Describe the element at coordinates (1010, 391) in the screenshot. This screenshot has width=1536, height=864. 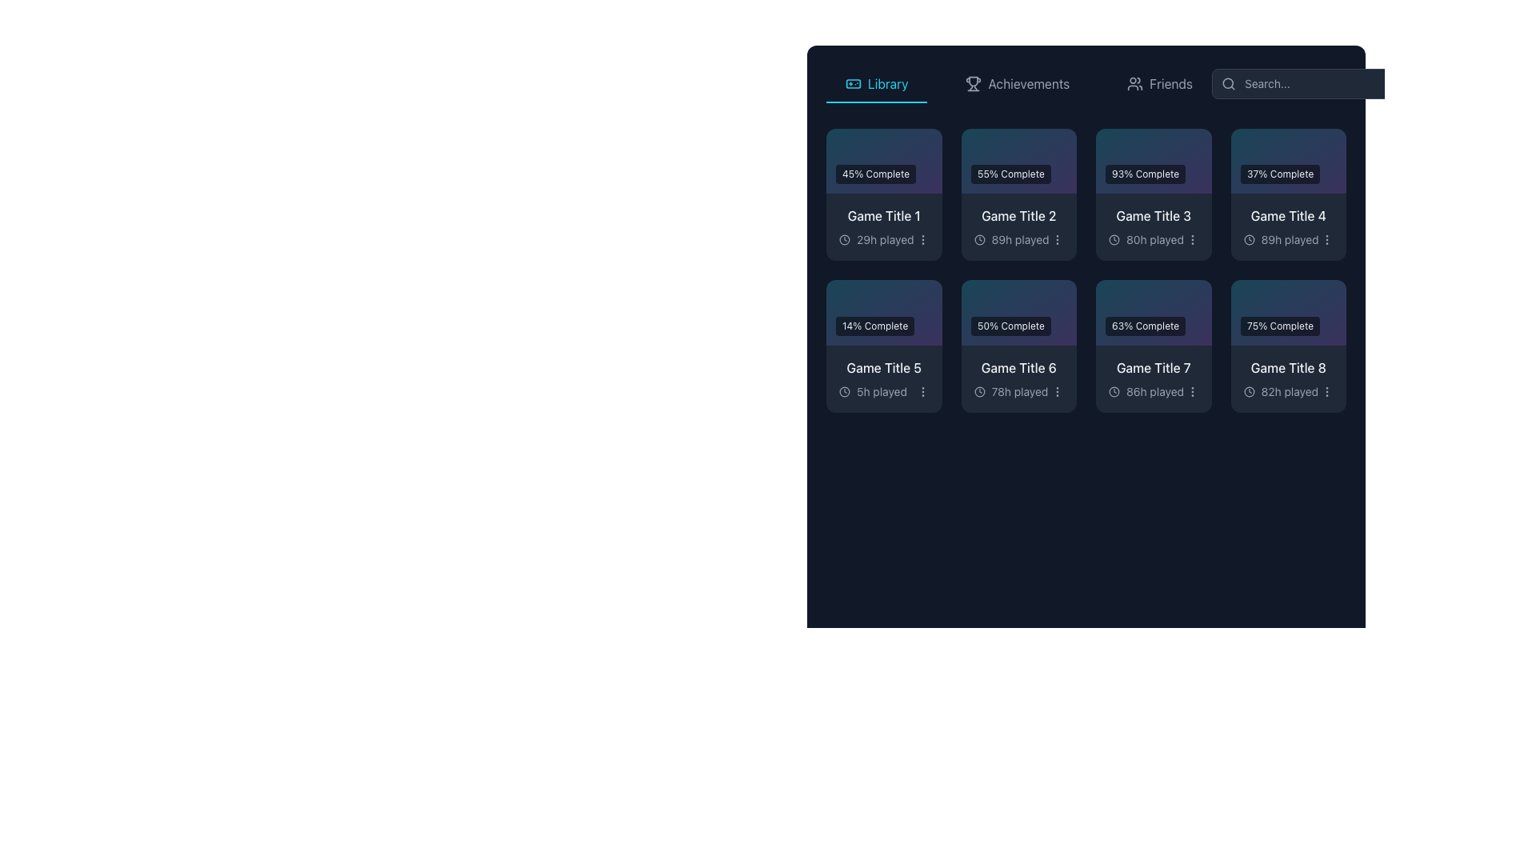
I see `the text '78h played' next to the clock icon within the 'Game Title 6' card` at that location.